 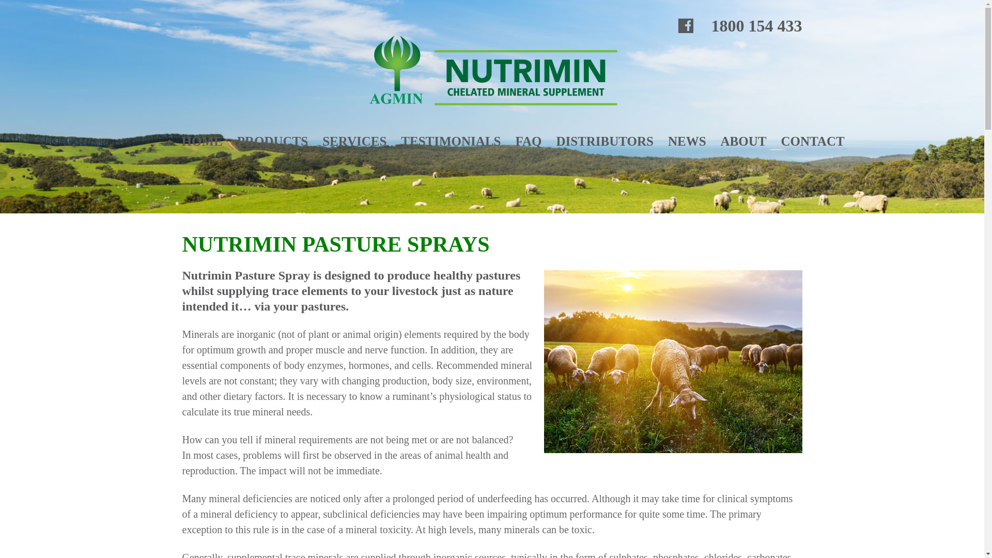 I want to click on '1800 154 433', so click(x=756, y=25).